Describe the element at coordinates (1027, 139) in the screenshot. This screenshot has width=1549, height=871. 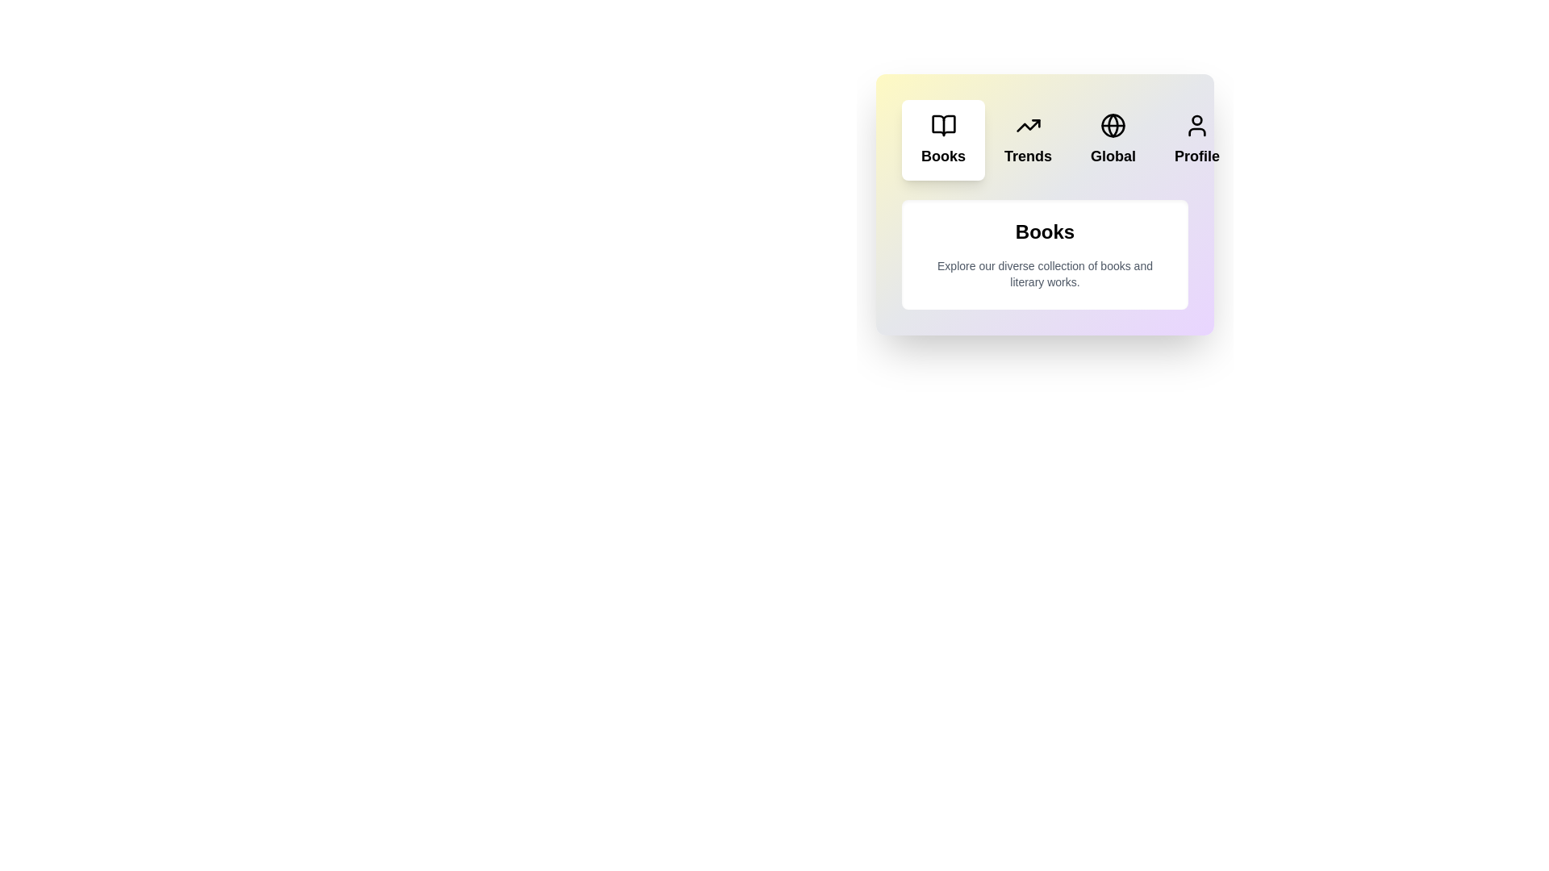
I see `the tab labeled Trends` at that location.